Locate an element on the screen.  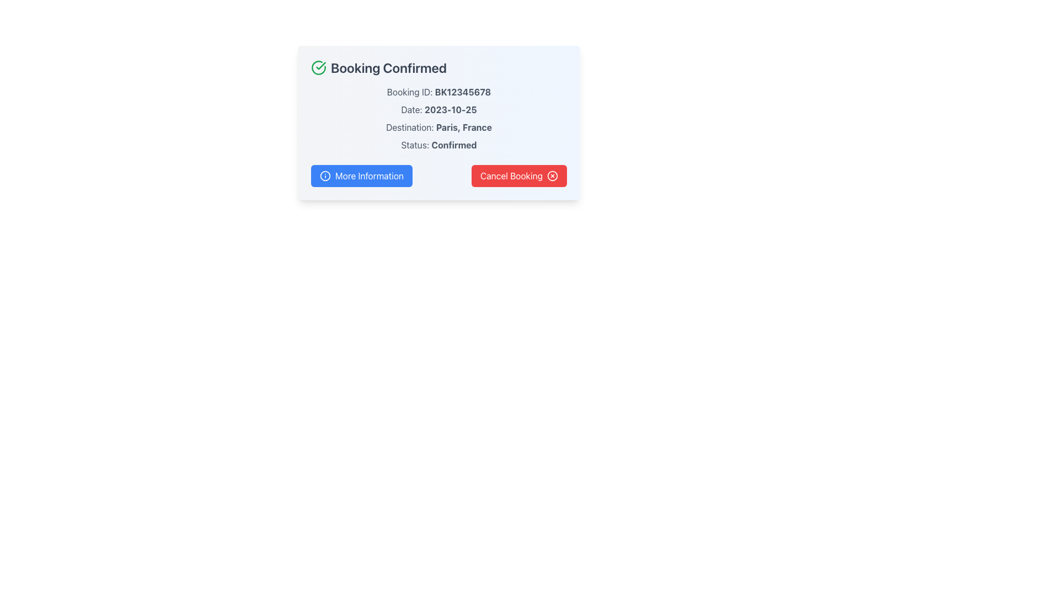
the Text Label displaying 'BK12345678' is located at coordinates (463, 91).